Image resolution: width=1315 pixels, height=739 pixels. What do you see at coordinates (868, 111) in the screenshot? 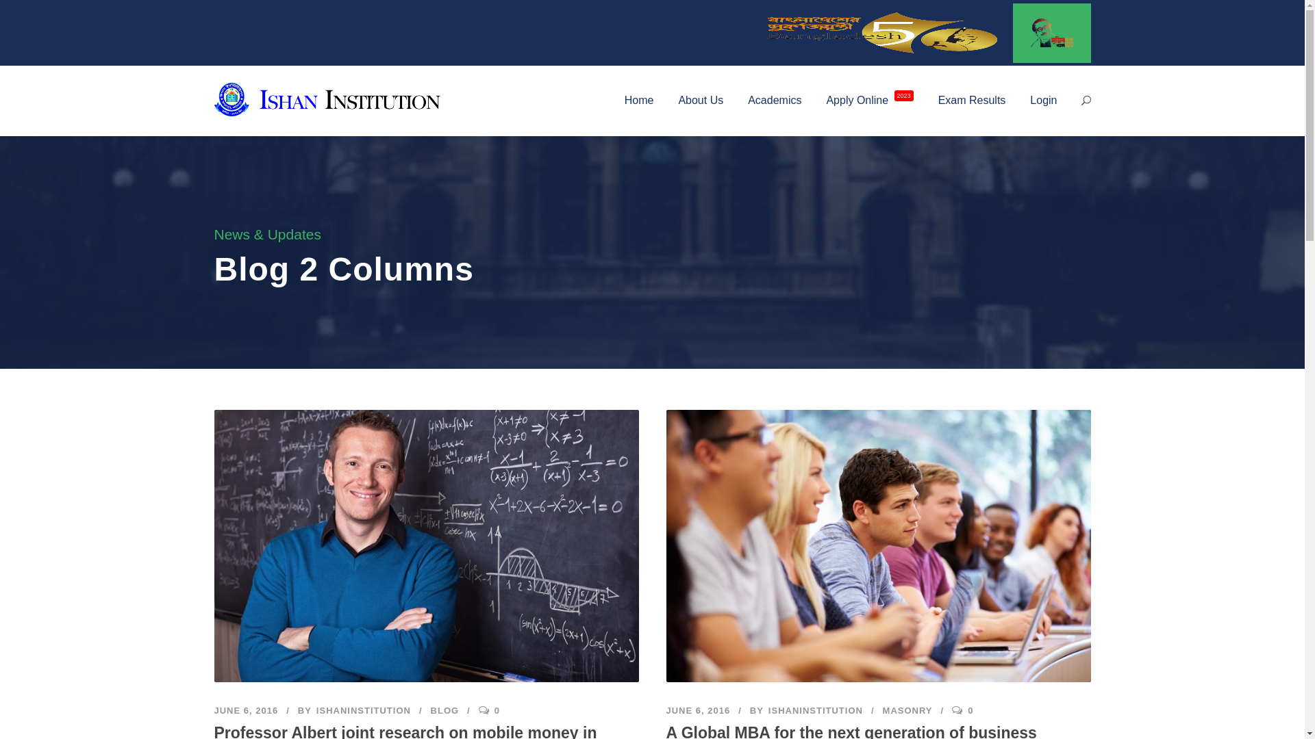
I see `'Apply Online 2023'` at bounding box center [868, 111].